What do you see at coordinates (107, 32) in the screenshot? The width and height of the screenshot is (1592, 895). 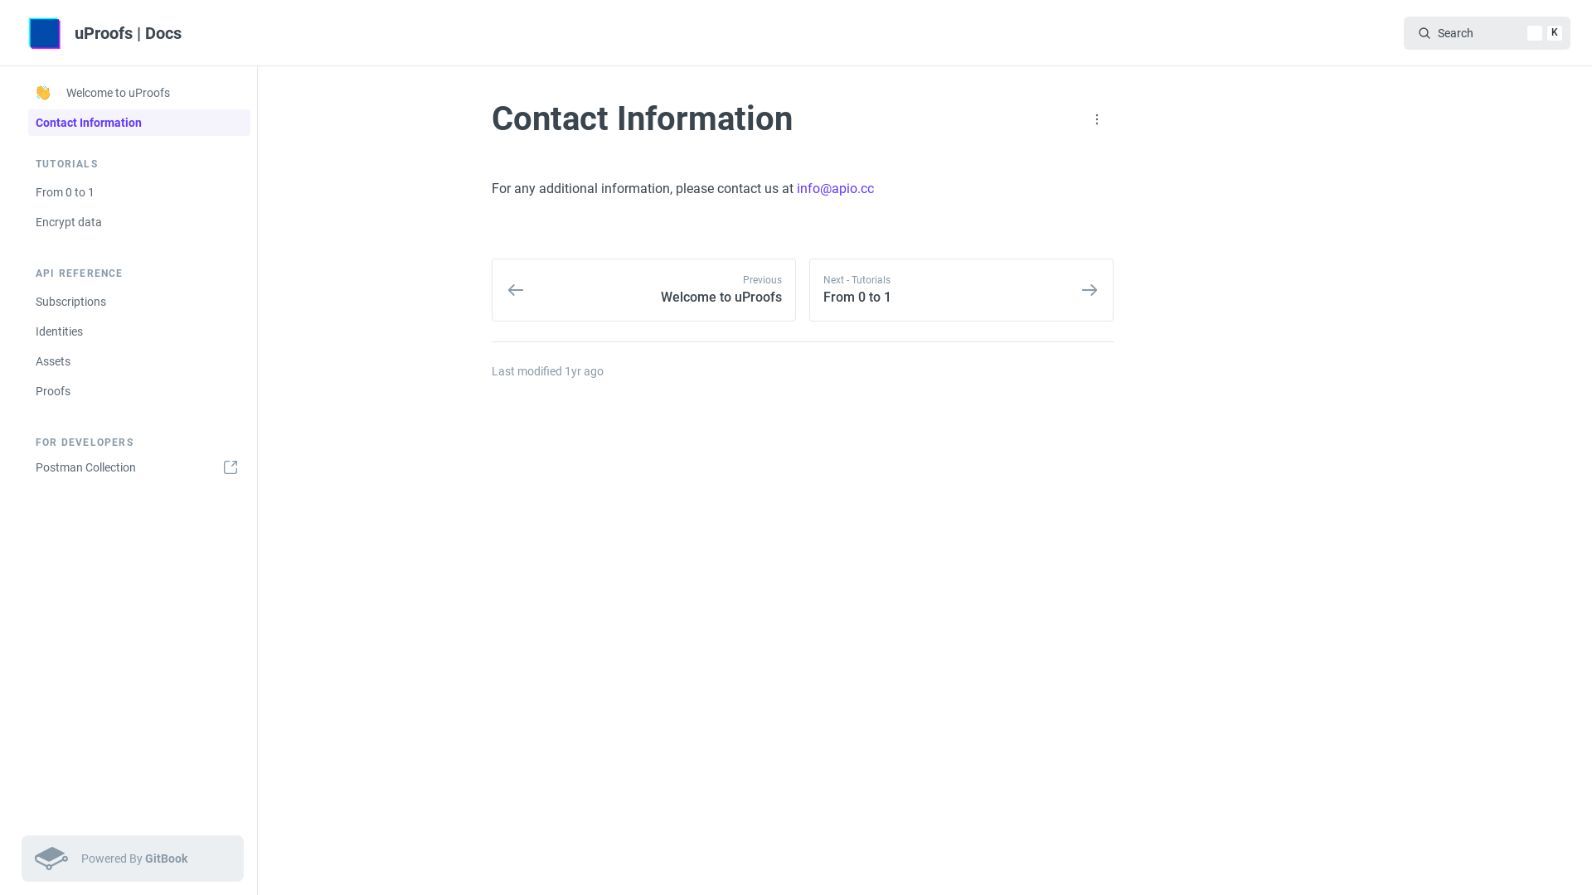 I see `'uProofs | Docs'` at bounding box center [107, 32].